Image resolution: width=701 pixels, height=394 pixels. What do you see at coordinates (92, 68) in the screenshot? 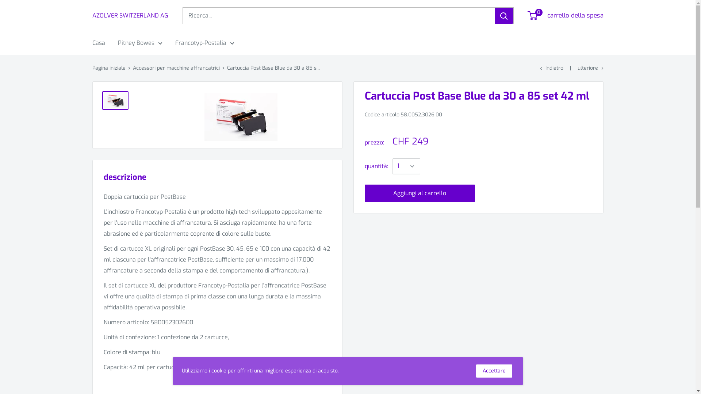
I see `'Pagina iniziale'` at bounding box center [92, 68].